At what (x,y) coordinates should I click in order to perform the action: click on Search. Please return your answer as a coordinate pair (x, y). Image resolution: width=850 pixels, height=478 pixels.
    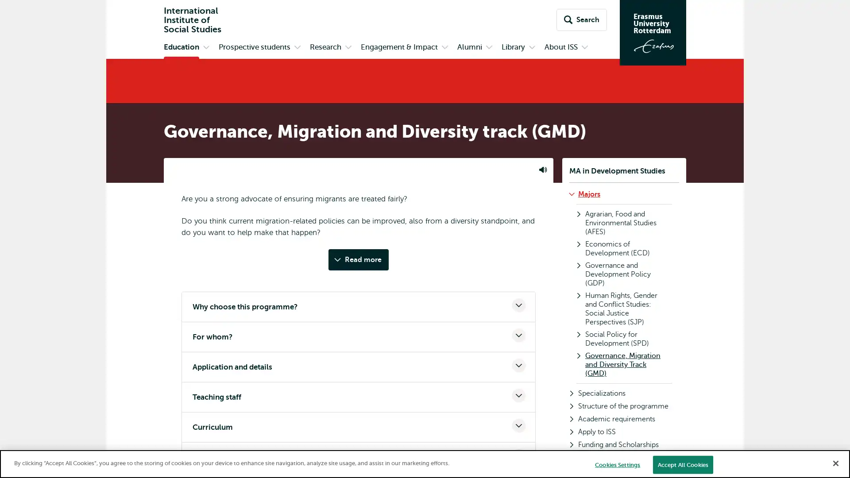
    Looking at the image, I should click on (582, 20).